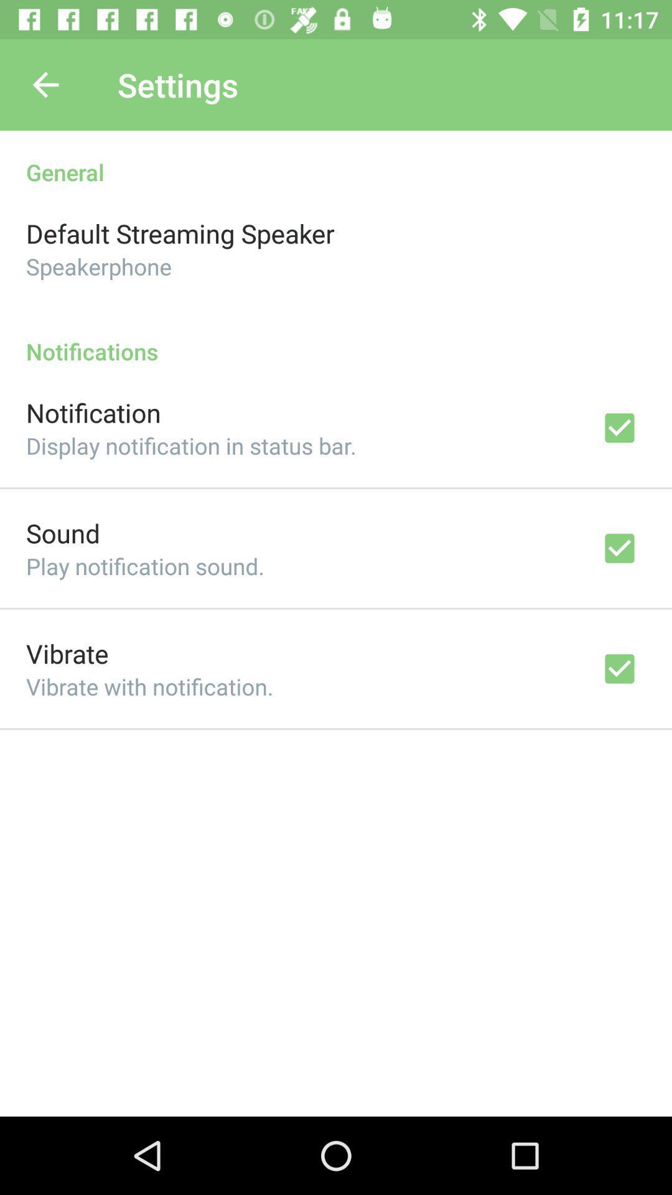 The height and width of the screenshot is (1195, 672). What do you see at coordinates (98, 266) in the screenshot?
I see `speakerphone icon` at bounding box center [98, 266].